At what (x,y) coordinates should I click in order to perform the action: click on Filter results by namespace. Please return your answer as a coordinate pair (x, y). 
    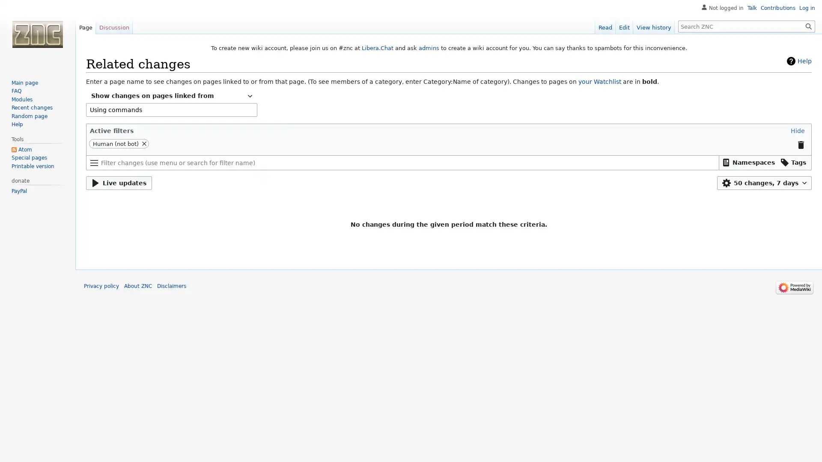
    Looking at the image, I should click on (748, 163).